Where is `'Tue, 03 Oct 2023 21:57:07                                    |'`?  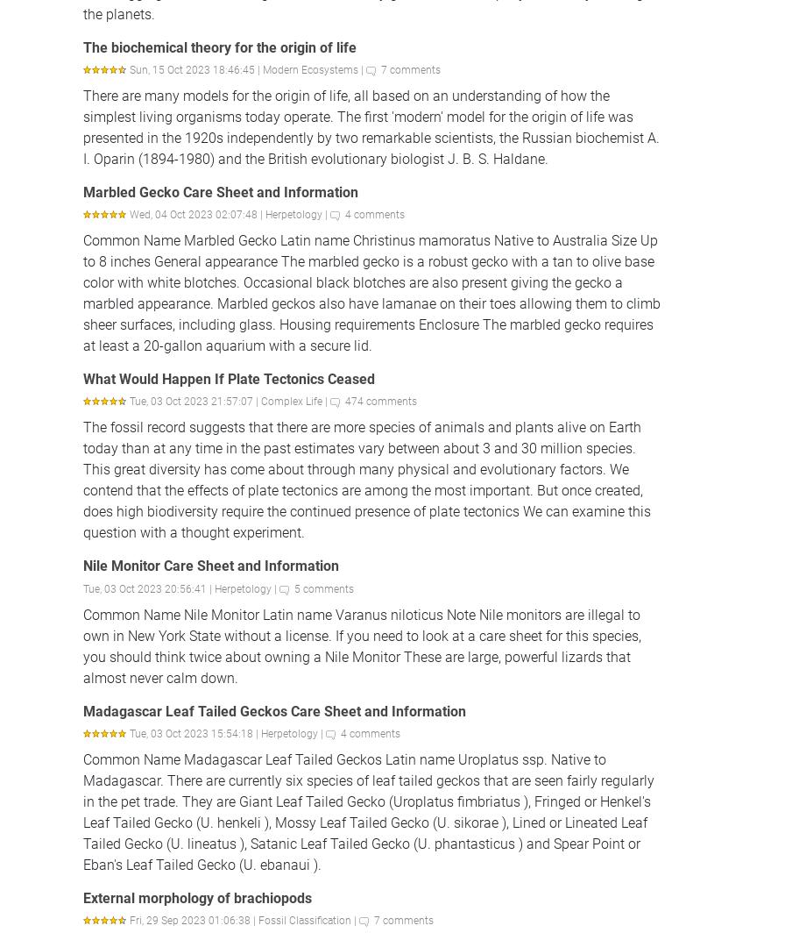
'Tue, 03 Oct 2023 21:57:07                                    |' is located at coordinates (195, 400).